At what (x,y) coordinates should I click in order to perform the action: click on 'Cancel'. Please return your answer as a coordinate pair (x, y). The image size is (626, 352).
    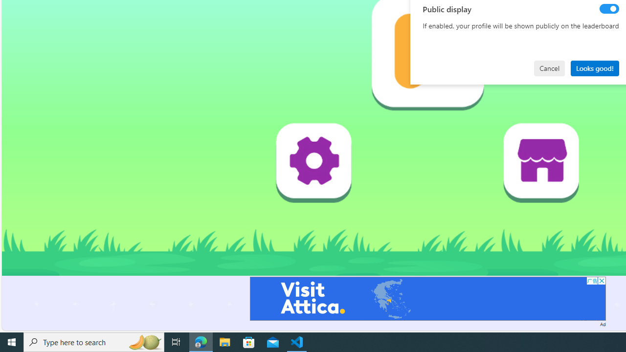
    Looking at the image, I should click on (549, 67).